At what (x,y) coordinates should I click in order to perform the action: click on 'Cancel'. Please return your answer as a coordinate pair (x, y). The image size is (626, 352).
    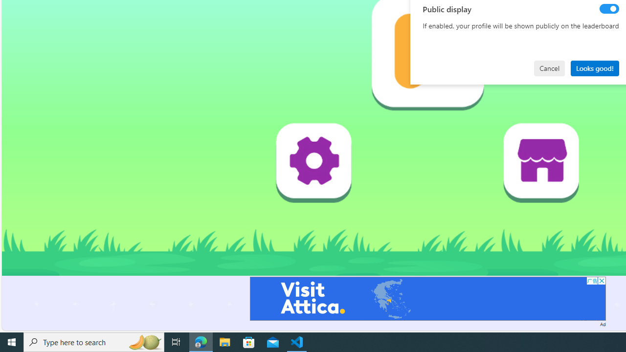
    Looking at the image, I should click on (549, 67).